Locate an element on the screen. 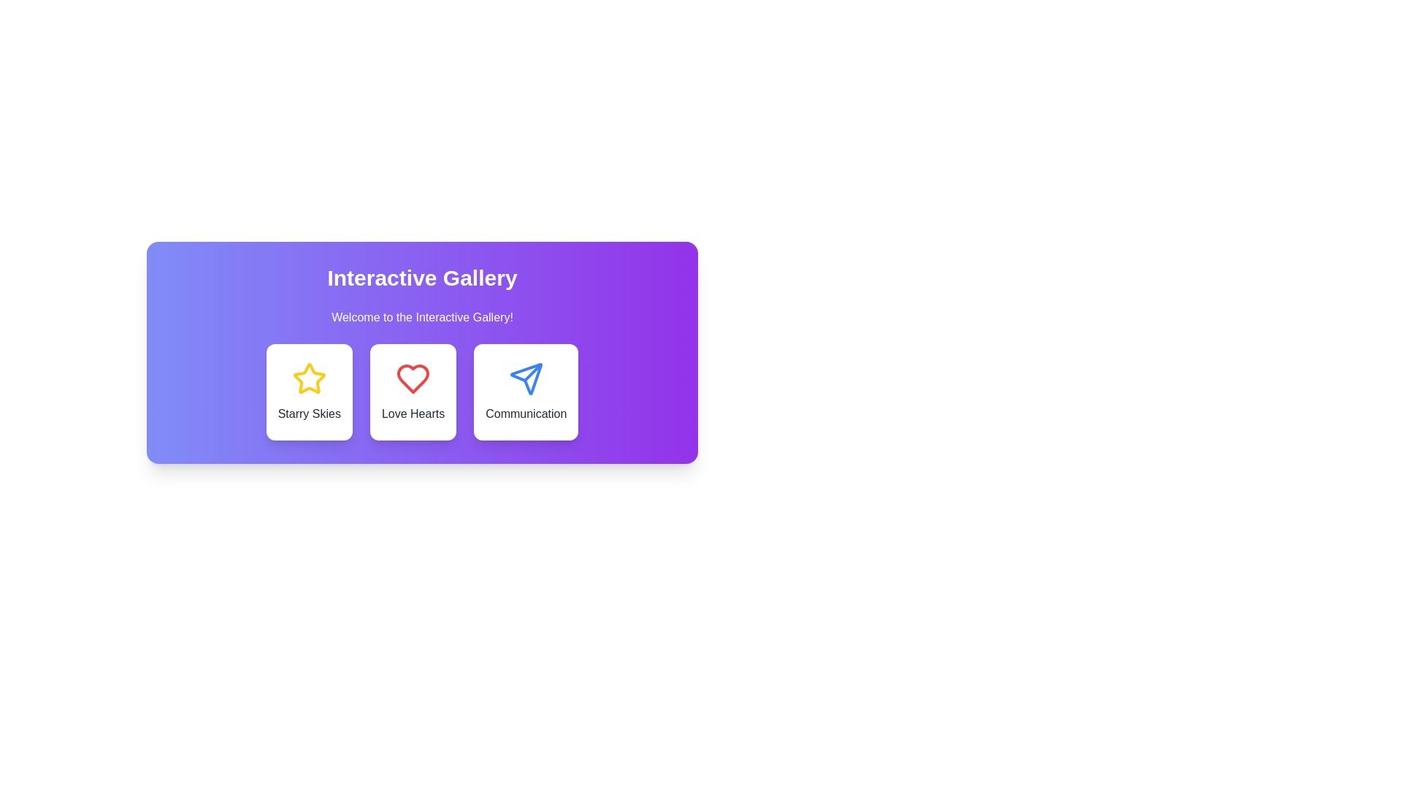  the text label that says 'Welcome to the Interactive Gallery!' which is styled in white font over a gradient background, located just below the title 'Interactive Gallery' is located at coordinates (421, 317).